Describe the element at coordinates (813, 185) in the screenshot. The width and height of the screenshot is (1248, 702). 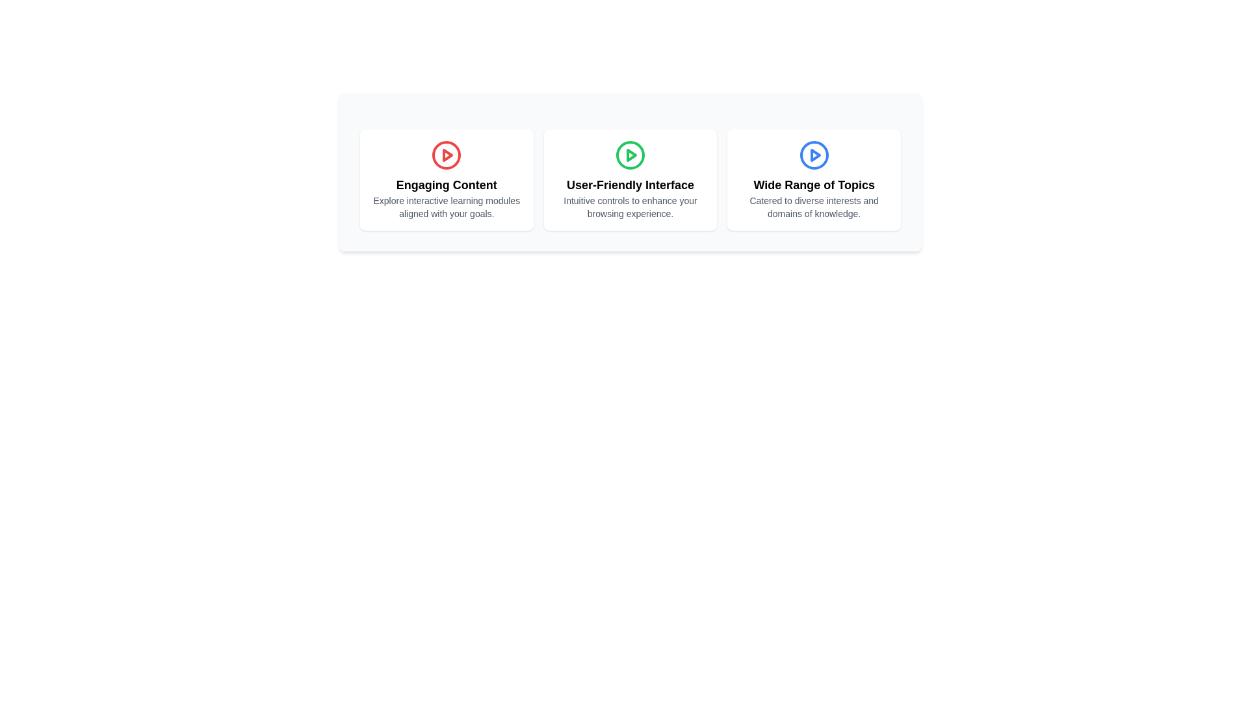
I see `the text label displaying 'Wide Range of Topics', which is styled with a bold font and positioned in the lower middle section of the rightmost card, below the circular play icon` at that location.